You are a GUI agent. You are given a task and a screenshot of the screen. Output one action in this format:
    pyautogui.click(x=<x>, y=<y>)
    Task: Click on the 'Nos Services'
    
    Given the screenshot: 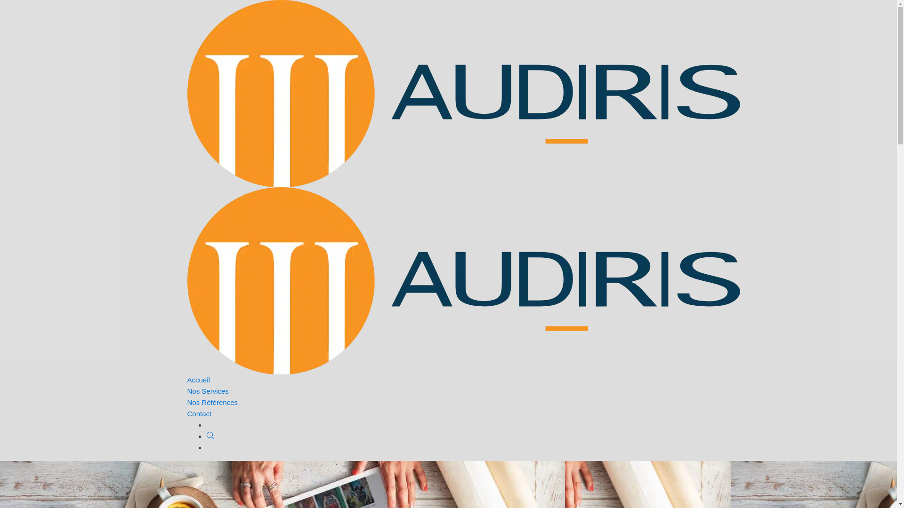 What is the action you would take?
    pyautogui.click(x=207, y=391)
    